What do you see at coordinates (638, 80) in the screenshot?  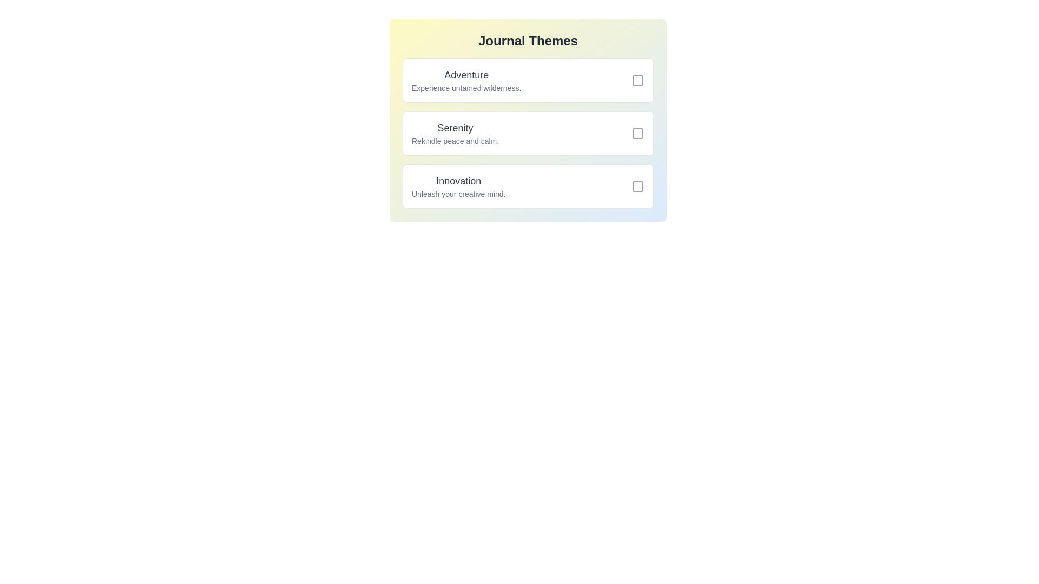 I see `the checkbox associated with the text 'Adventure' in the 'Journal Themes' section` at bounding box center [638, 80].